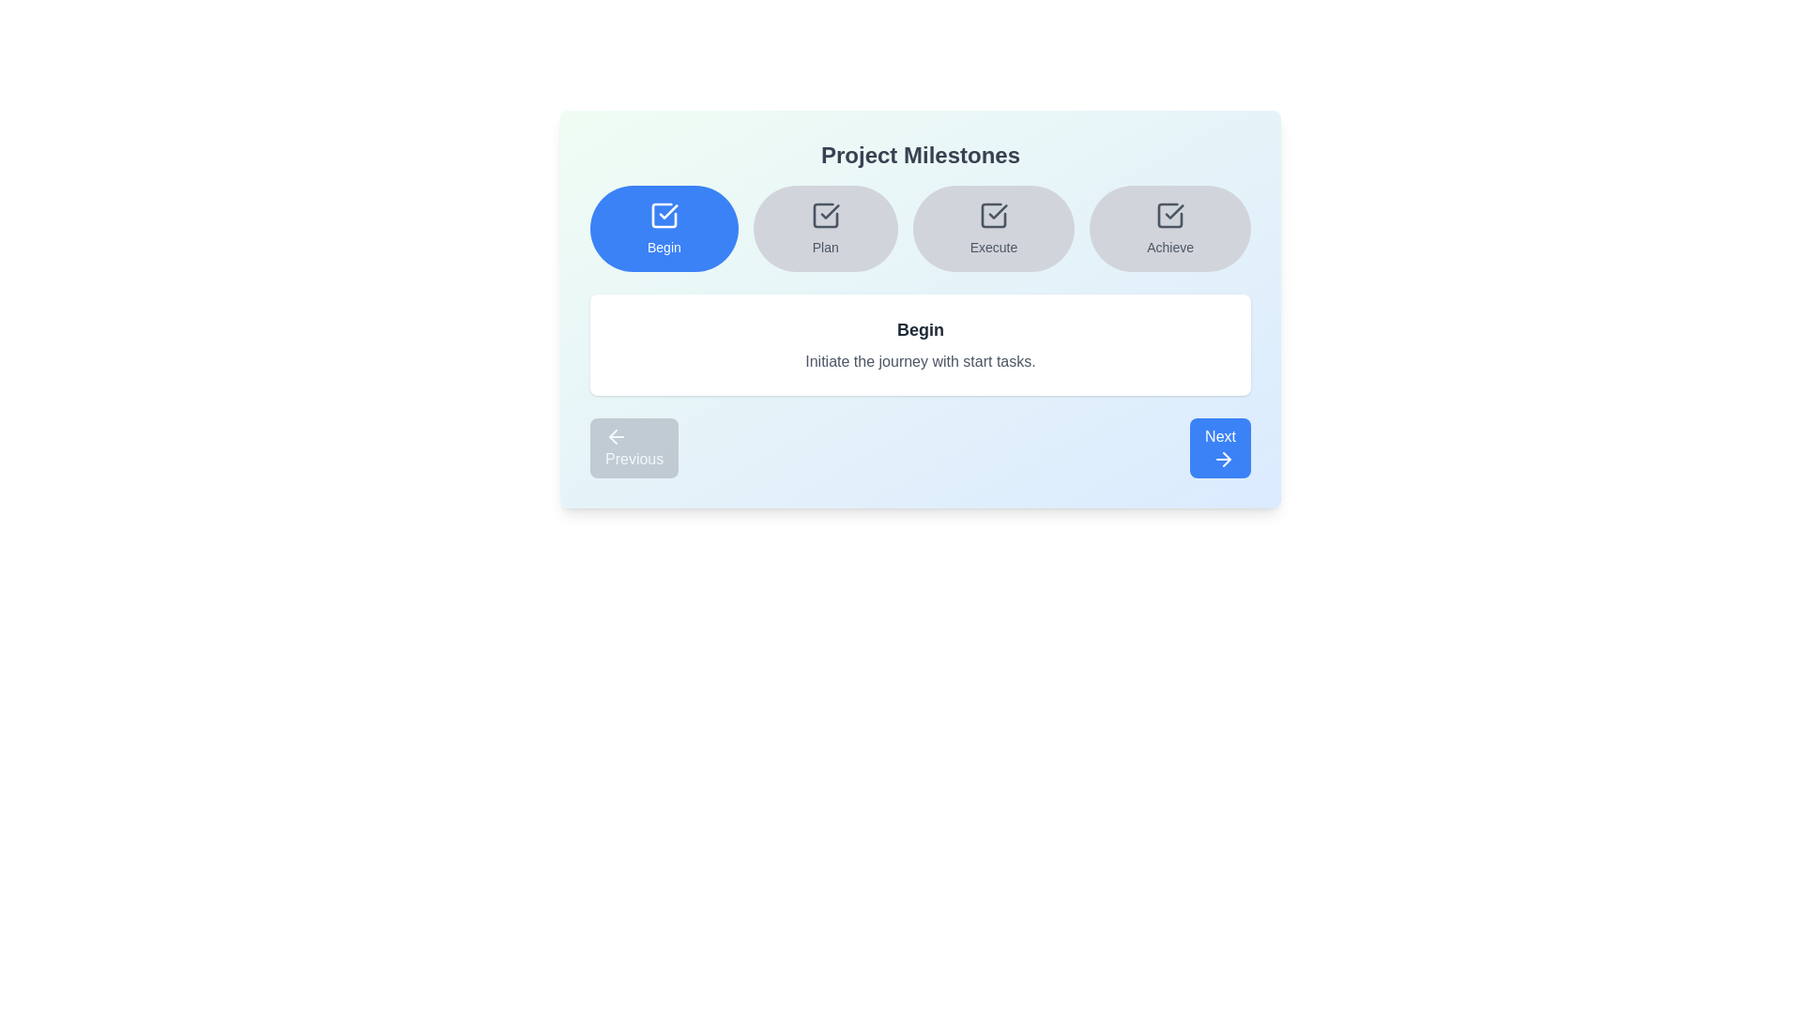 Image resolution: width=1802 pixels, height=1013 pixels. I want to click on the 'Plan' button, which is the second button in a sequence of four buttons labeled 'Begin', 'Plan', 'Execute', and 'Achieve', so click(825, 227).